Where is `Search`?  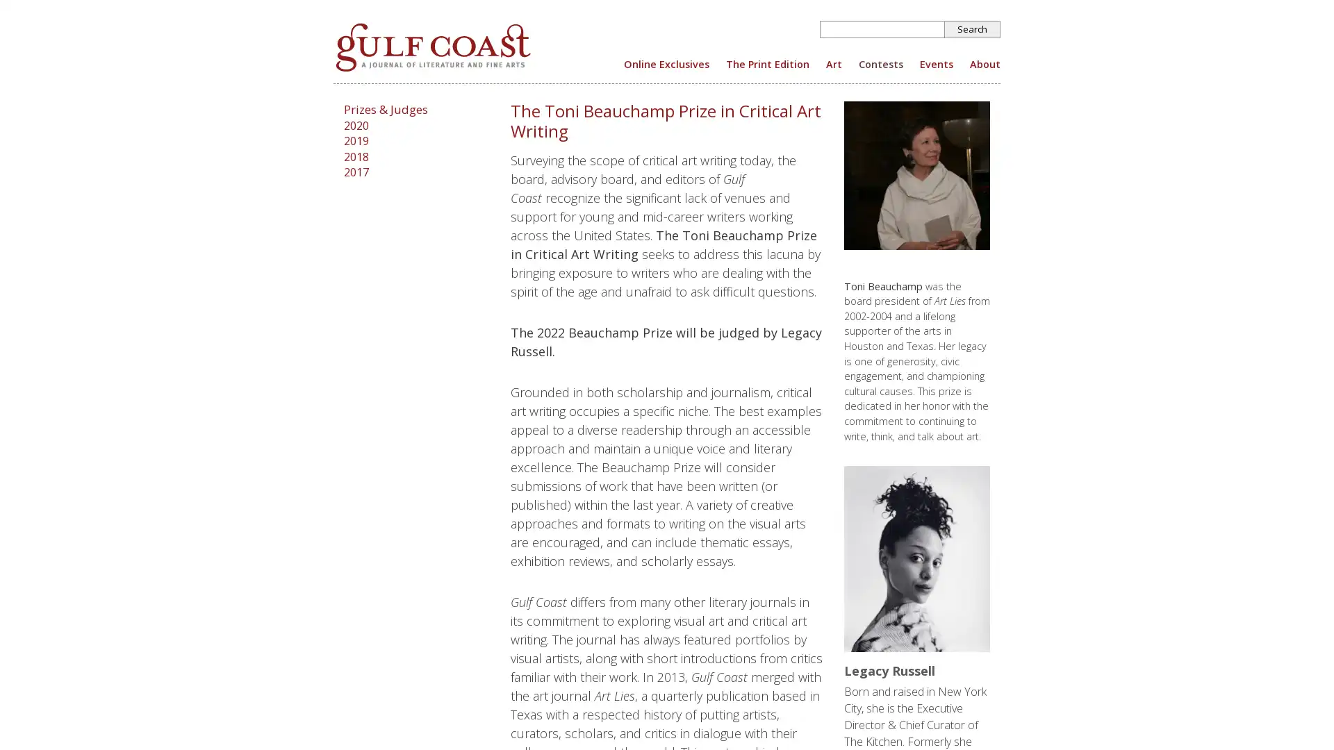 Search is located at coordinates (972, 29).